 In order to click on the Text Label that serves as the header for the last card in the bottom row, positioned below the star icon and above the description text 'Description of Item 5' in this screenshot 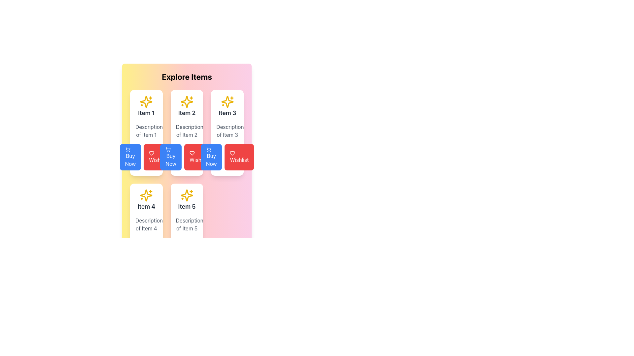, I will do `click(187, 199)`.